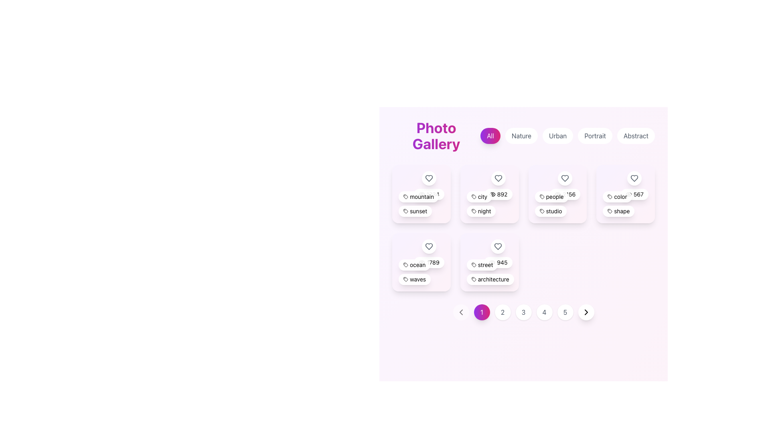 Image resolution: width=770 pixels, height=433 pixels. I want to click on the 'street' and 'architecture' card located in the bottom row of the gallery, which is the third item from the left, so click(489, 262).